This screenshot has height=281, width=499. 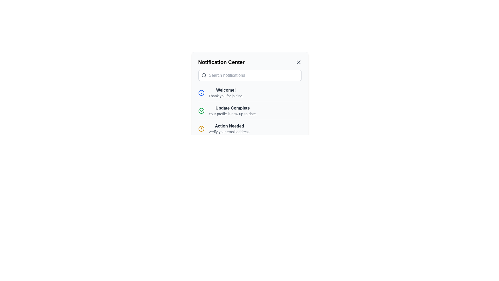 What do you see at coordinates (201, 93) in the screenshot?
I see `the information icon with a circular border and blue outline, located to the left of the greeting message 'Welcome!' in the notification card` at bounding box center [201, 93].